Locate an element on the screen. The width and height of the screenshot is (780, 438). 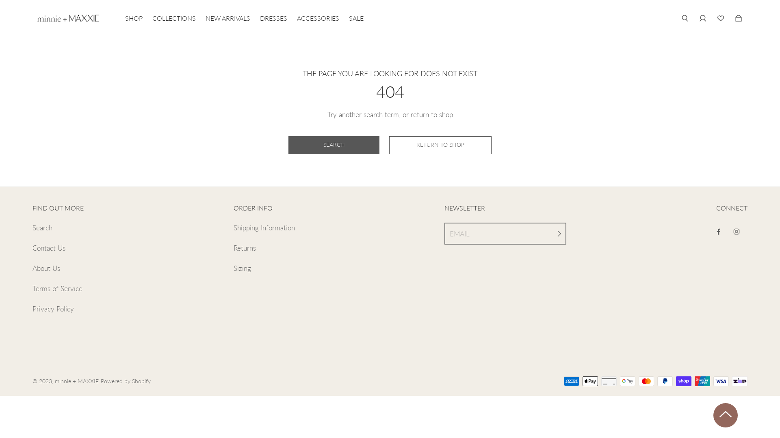
'SALE' is located at coordinates (356, 18).